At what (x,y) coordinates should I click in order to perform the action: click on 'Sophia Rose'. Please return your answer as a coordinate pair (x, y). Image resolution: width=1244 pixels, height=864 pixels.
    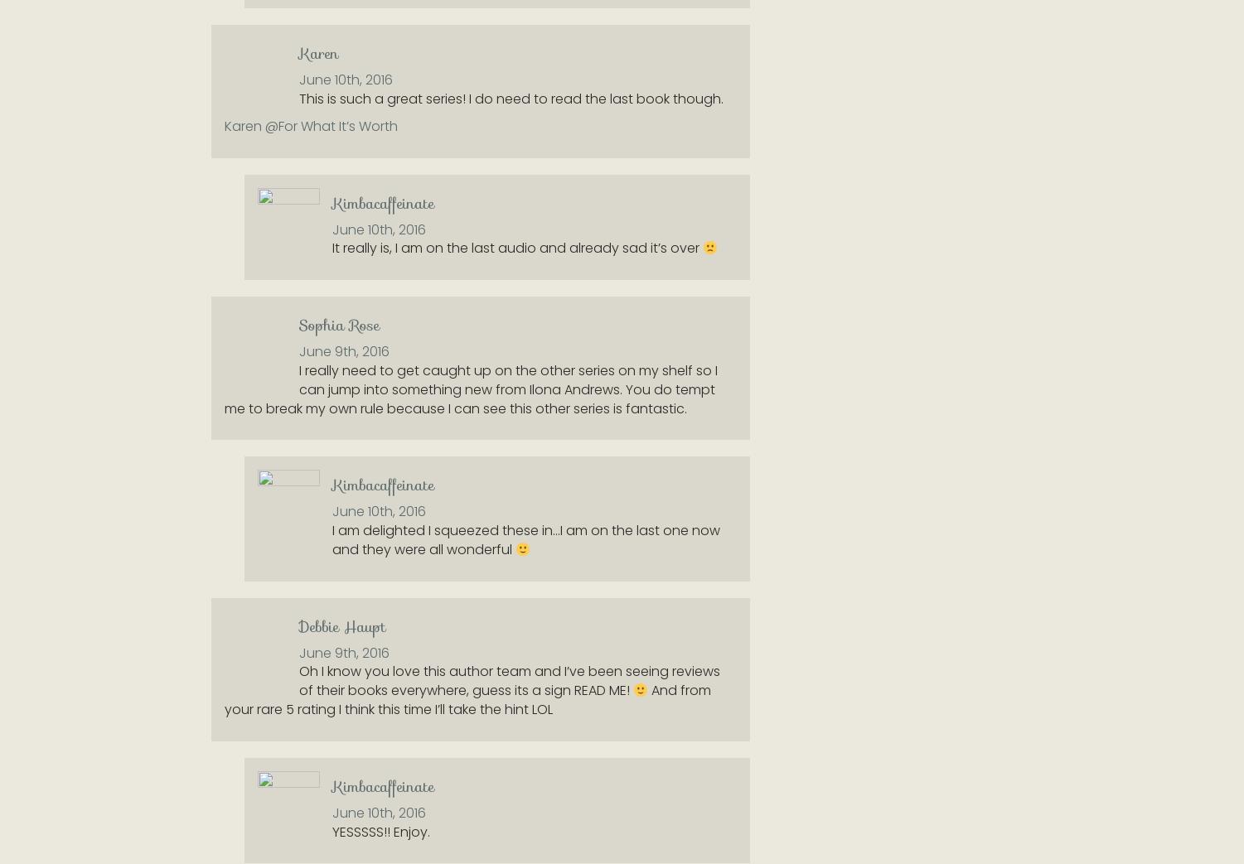
    Looking at the image, I should click on (338, 326).